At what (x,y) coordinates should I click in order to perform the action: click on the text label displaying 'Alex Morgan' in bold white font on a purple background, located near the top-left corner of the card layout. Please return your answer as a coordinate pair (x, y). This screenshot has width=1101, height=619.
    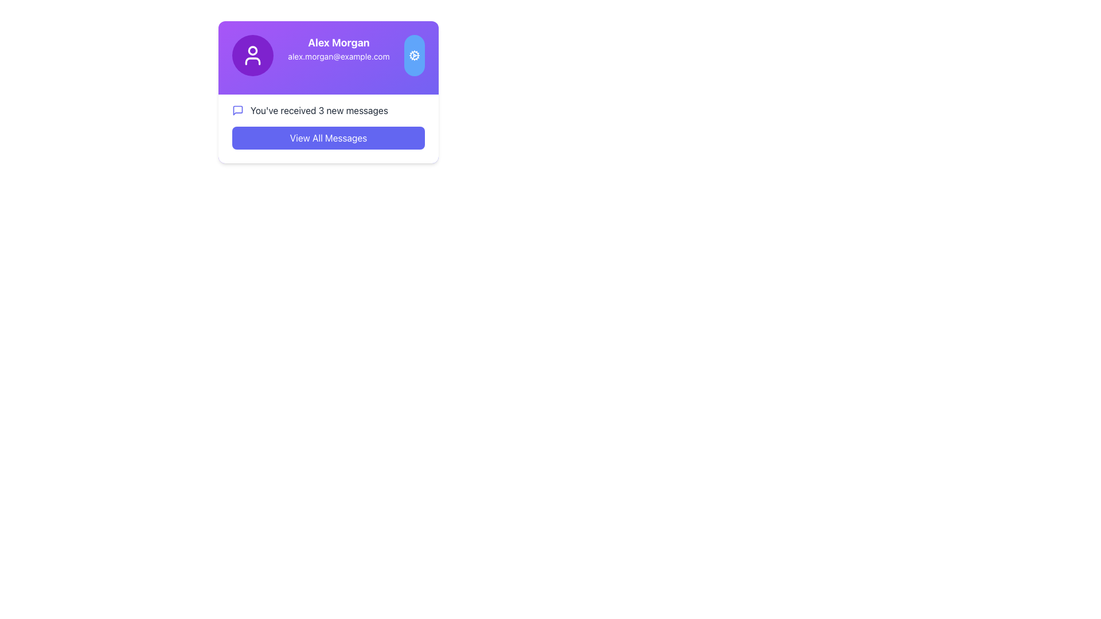
    Looking at the image, I should click on (338, 42).